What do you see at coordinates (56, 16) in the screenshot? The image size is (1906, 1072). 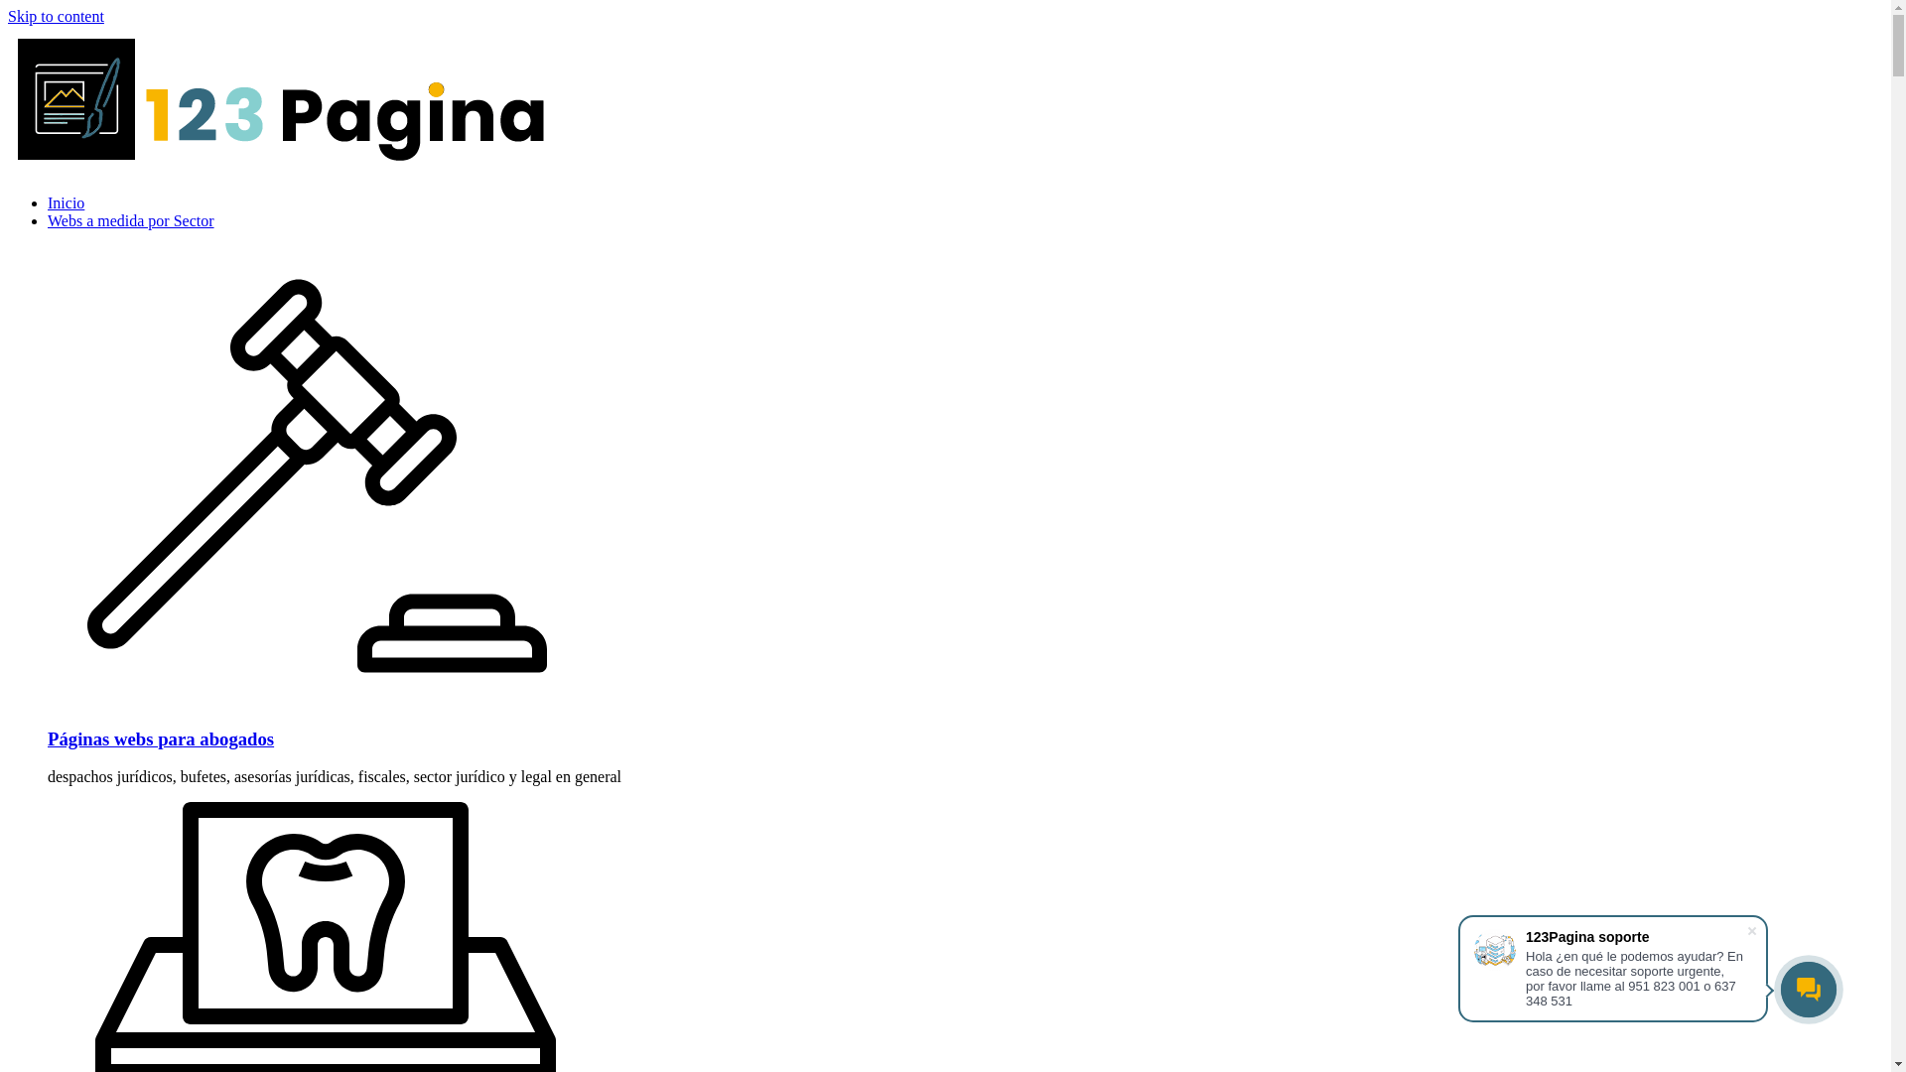 I see `'Skip to content'` at bounding box center [56, 16].